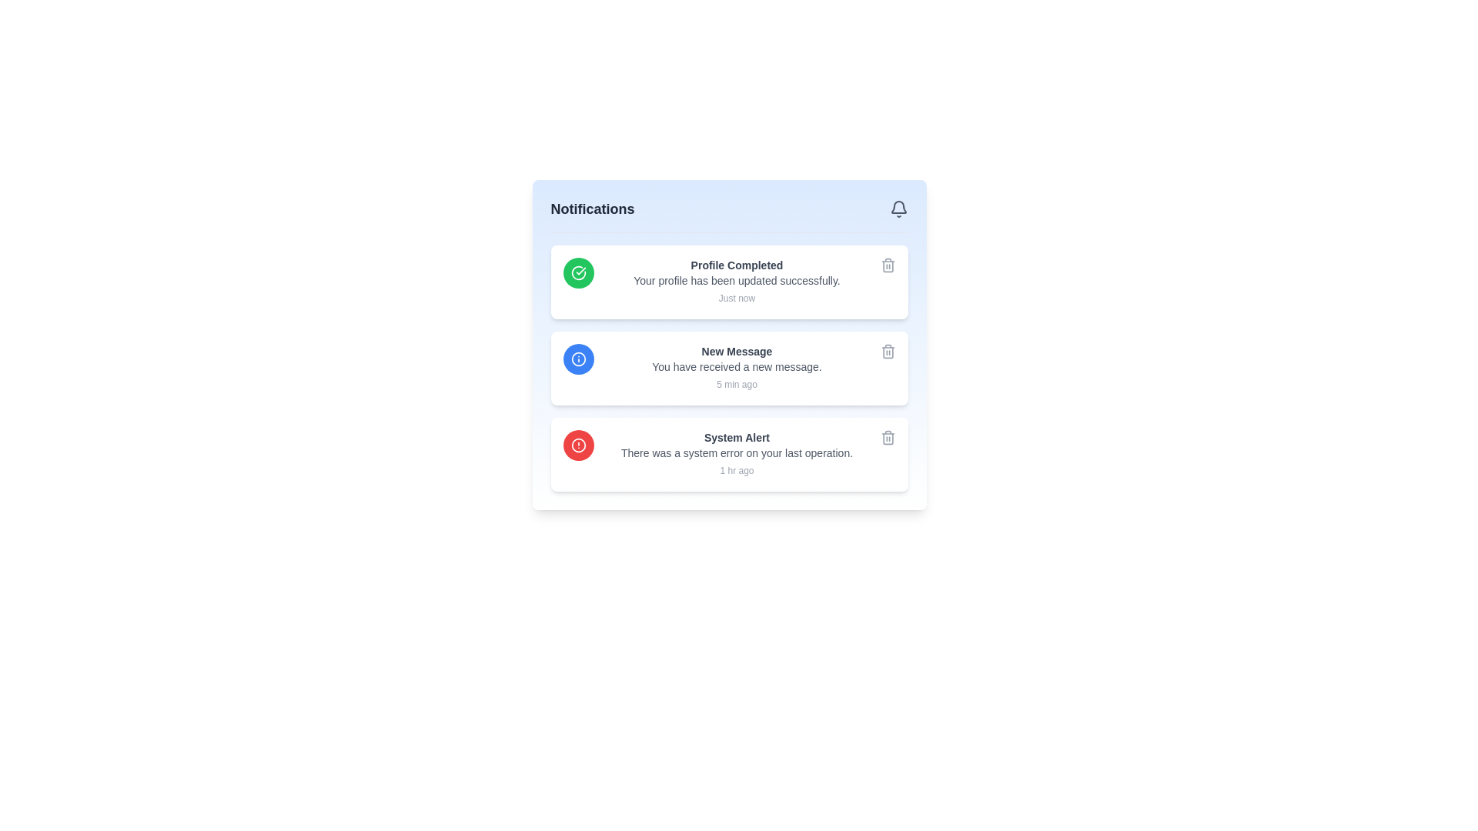  I want to click on the textual content block of the third notification entry that provides details about an issue encountered during the user's operation, so click(736, 453).